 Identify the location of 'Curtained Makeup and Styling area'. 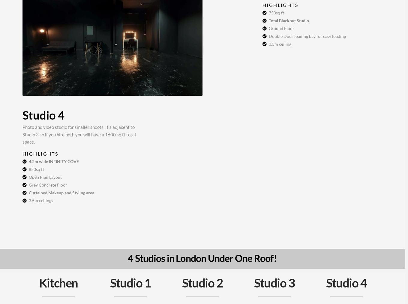
(61, 192).